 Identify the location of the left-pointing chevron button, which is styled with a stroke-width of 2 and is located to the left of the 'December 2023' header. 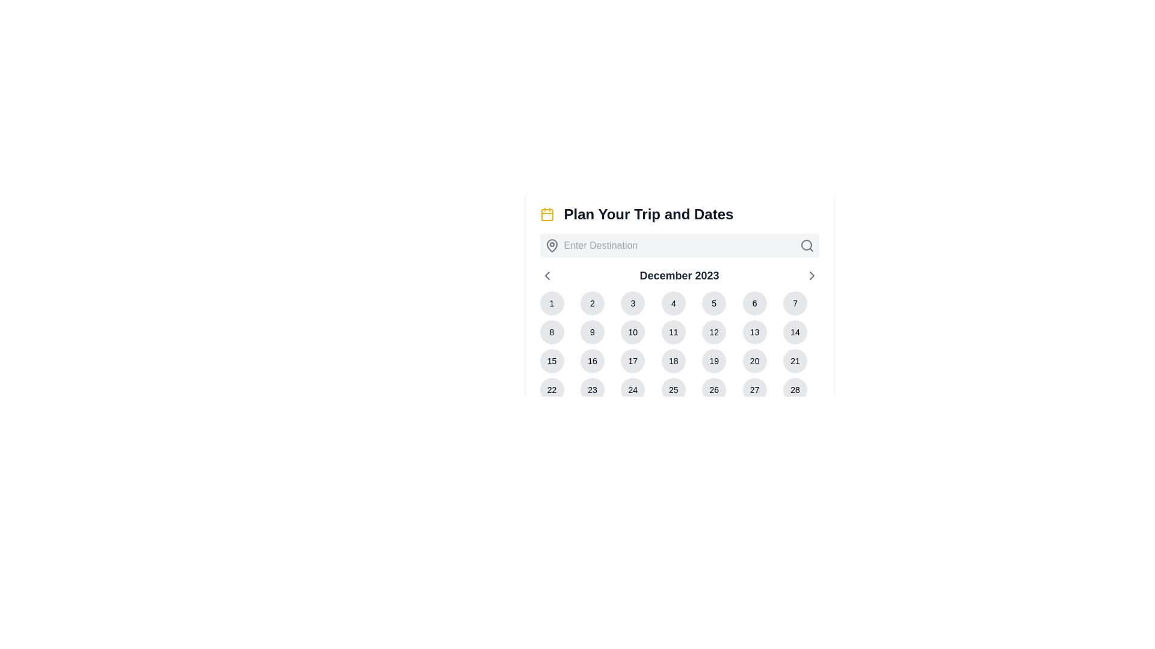
(546, 276).